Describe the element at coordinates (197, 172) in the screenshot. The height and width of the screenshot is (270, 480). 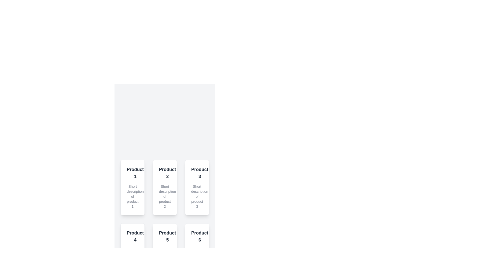
I see `the interactive text label or heading for 'Product 3', which is located at the top of its product card and indicates the product name` at that location.